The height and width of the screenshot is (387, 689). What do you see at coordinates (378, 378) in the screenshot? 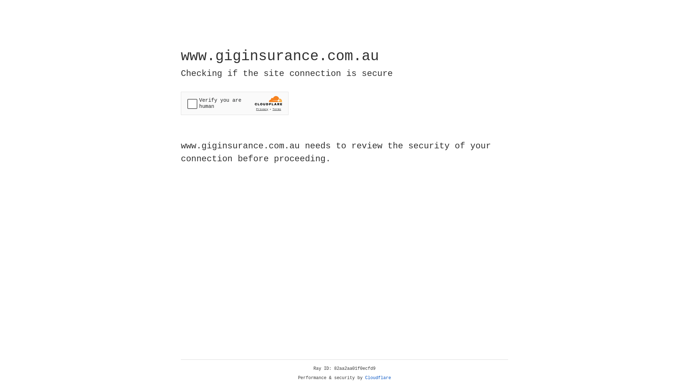
I see `'Cloudflare'` at bounding box center [378, 378].